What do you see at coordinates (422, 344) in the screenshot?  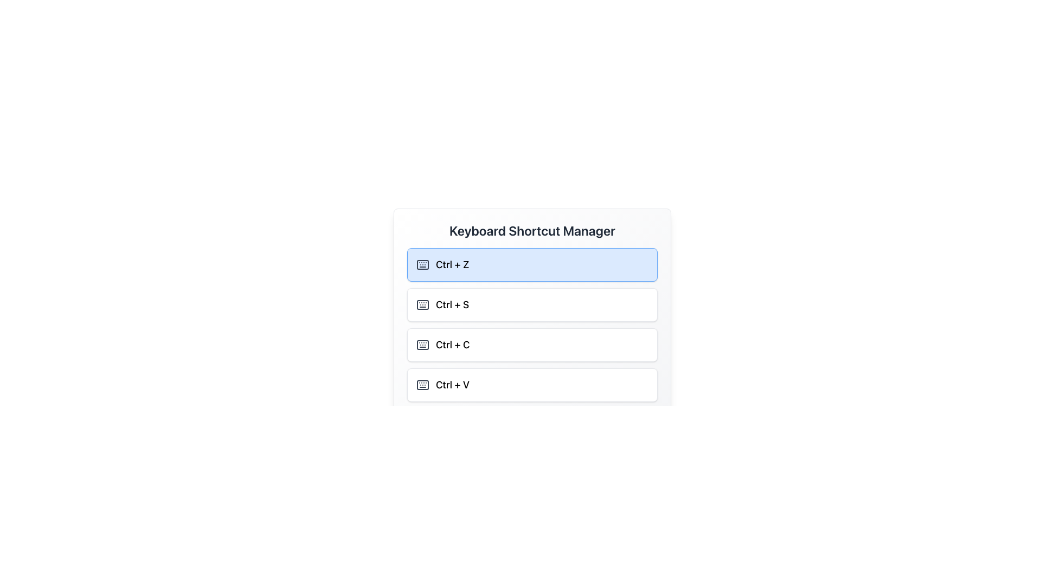 I see `the keyboard icon in the third row of the 'Keyboard Shortcut Manager' list, which visually represents the 'Ctrl + C' shortcut` at bounding box center [422, 344].